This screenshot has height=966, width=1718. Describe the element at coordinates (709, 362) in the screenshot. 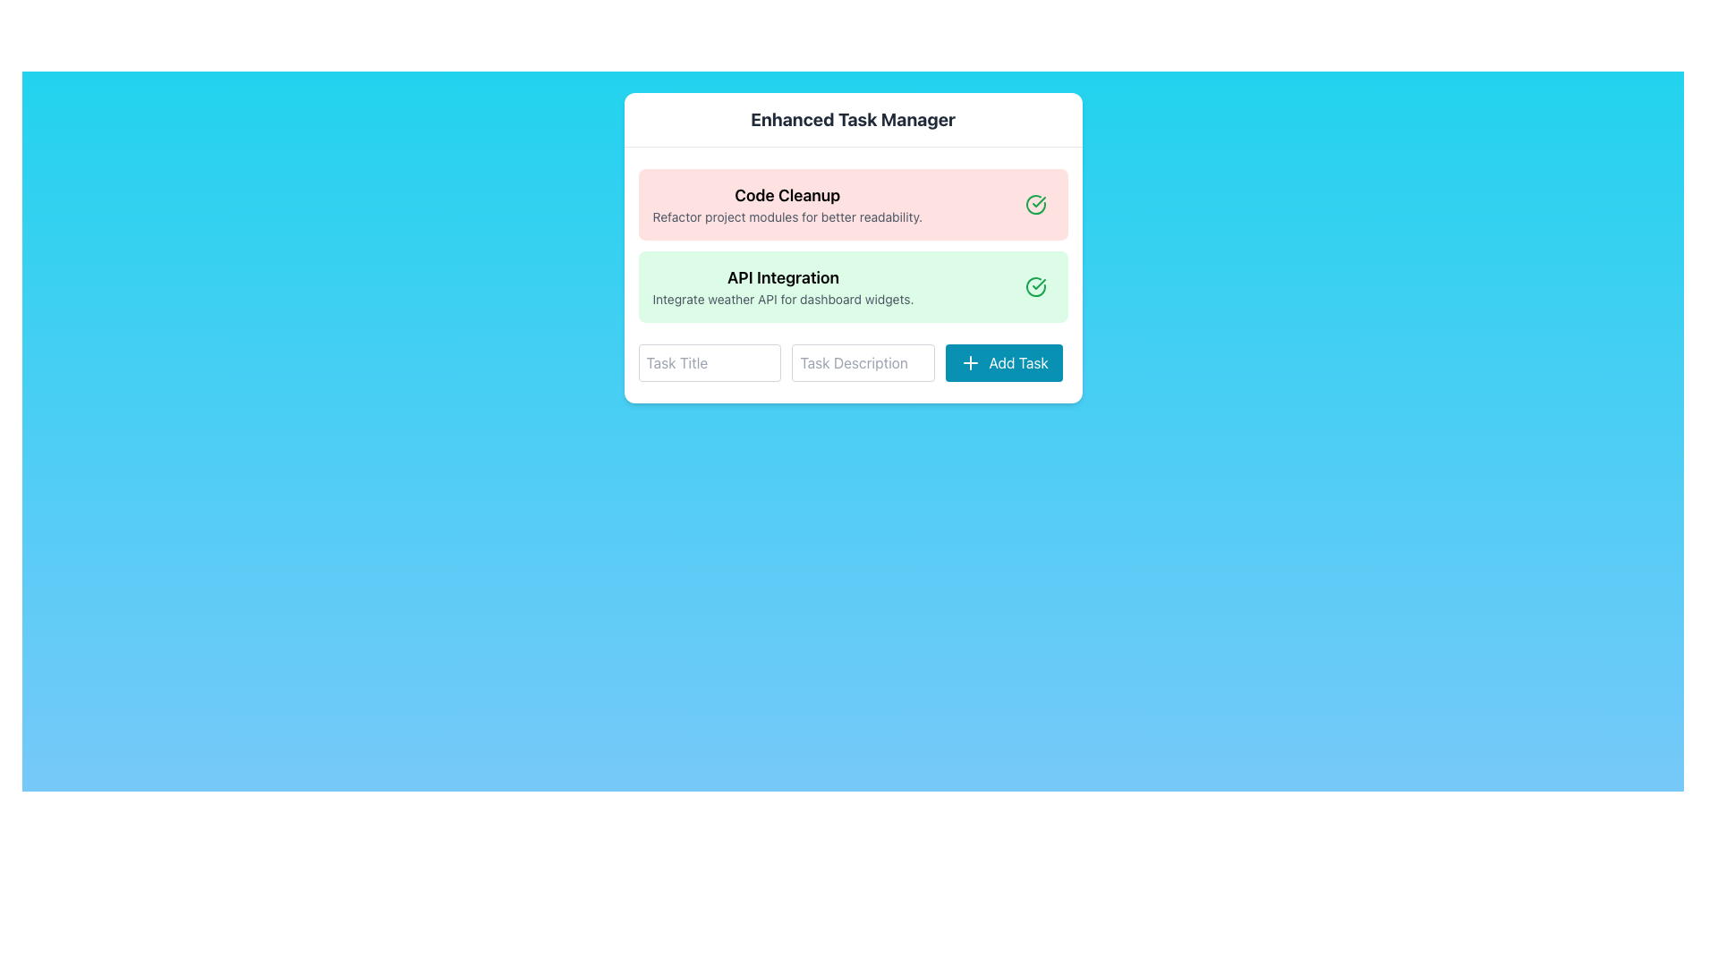

I see `the task title input field` at that location.